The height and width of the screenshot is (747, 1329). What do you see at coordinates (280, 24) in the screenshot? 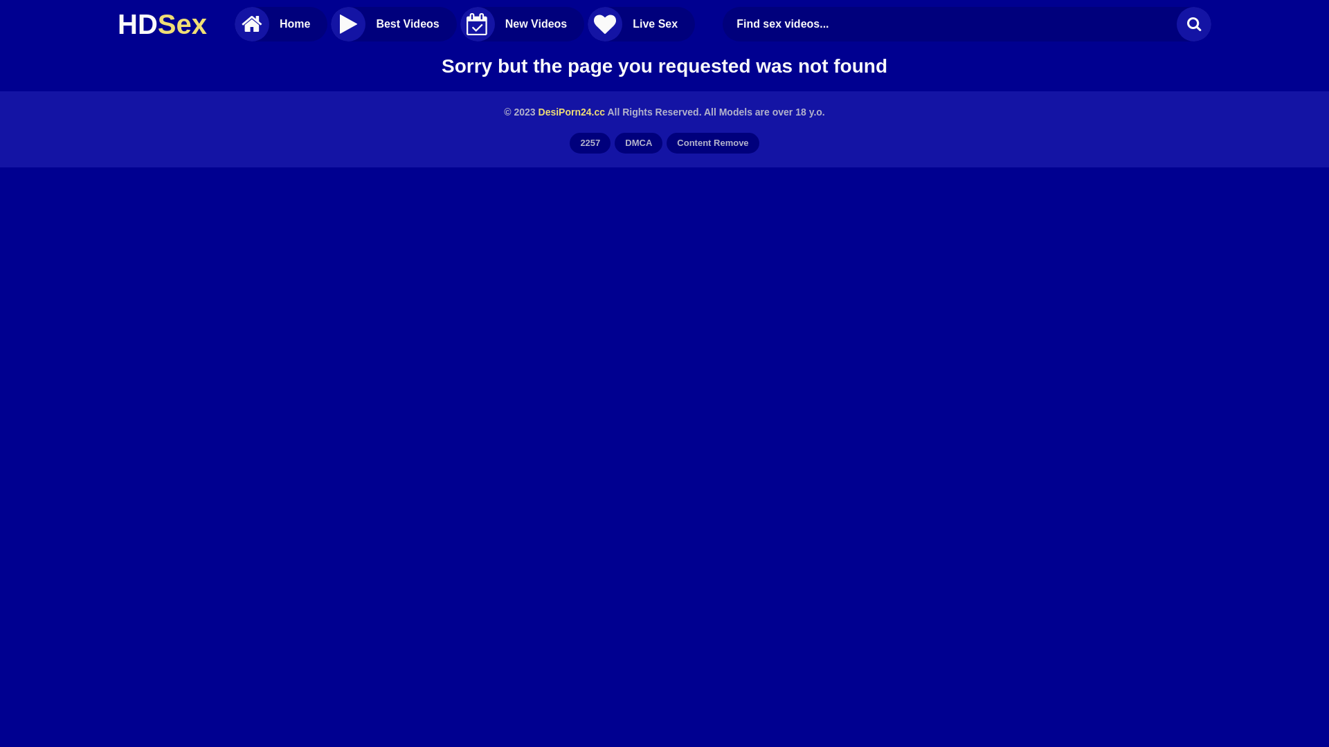
I see `'Home'` at bounding box center [280, 24].